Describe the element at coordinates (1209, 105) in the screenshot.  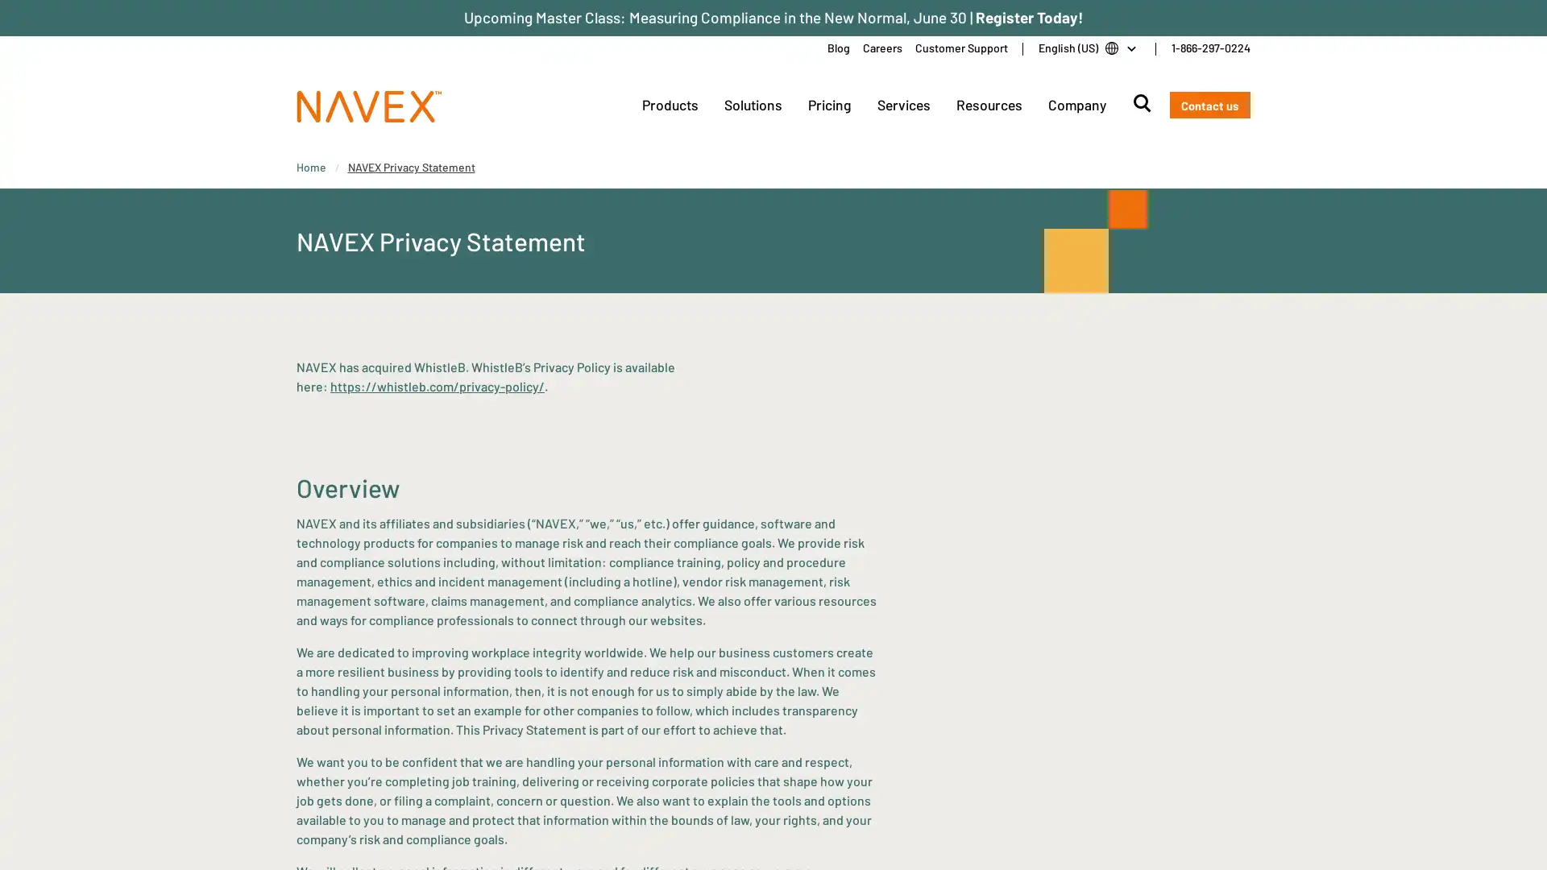
I see `Contact us` at that location.